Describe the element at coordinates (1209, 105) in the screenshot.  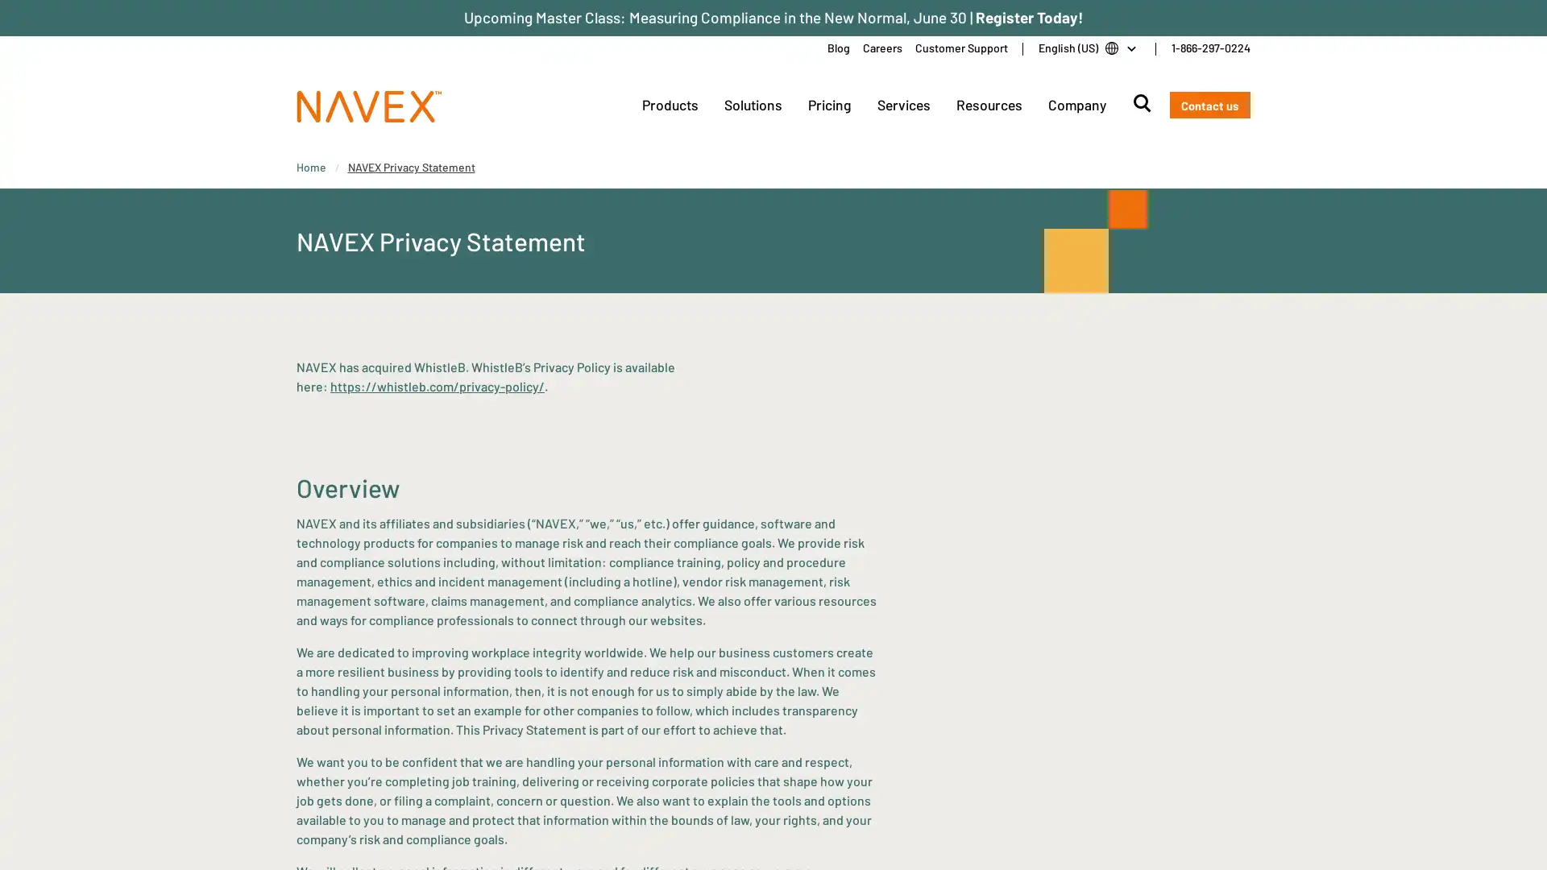
I see `Contact us` at that location.